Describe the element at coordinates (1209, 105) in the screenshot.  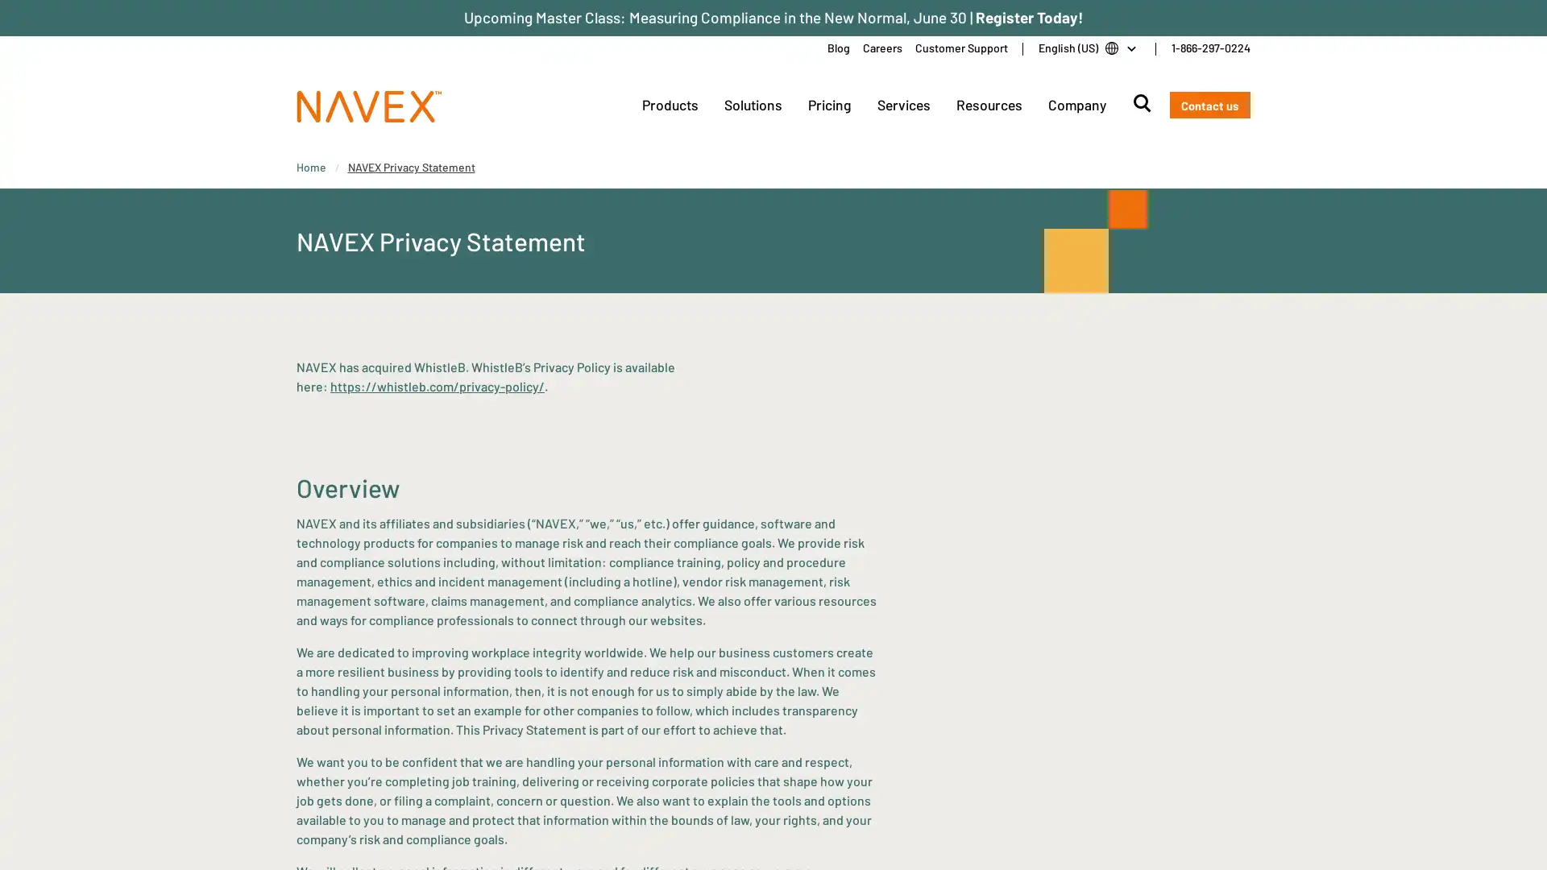
I see `Contact us` at that location.